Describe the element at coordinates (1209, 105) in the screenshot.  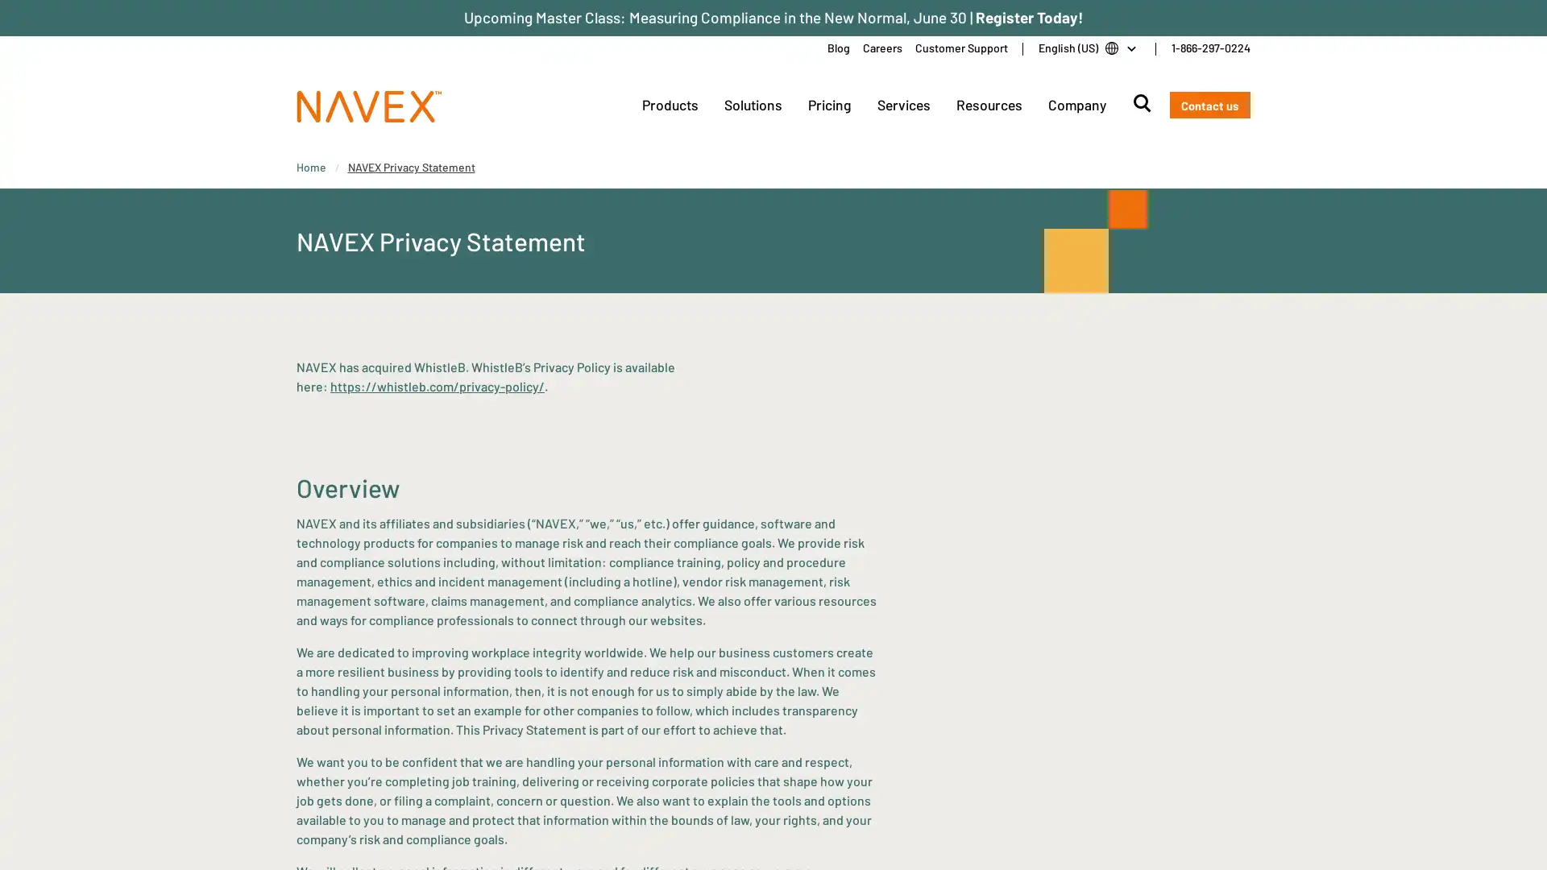
I see `Contact us` at that location.